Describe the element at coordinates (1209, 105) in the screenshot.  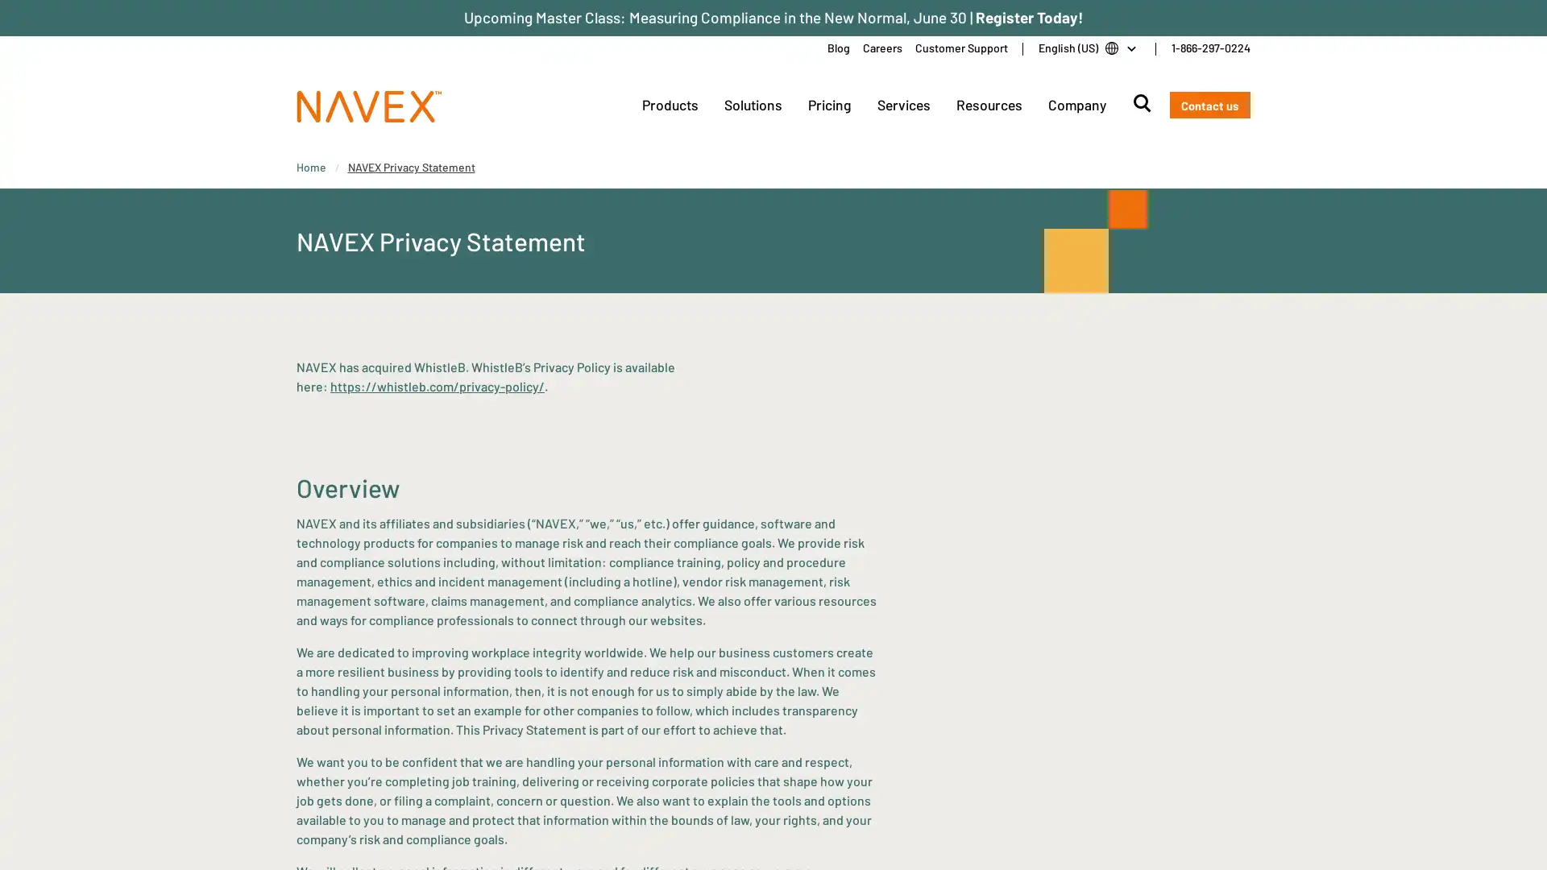
I see `Contact us` at that location.